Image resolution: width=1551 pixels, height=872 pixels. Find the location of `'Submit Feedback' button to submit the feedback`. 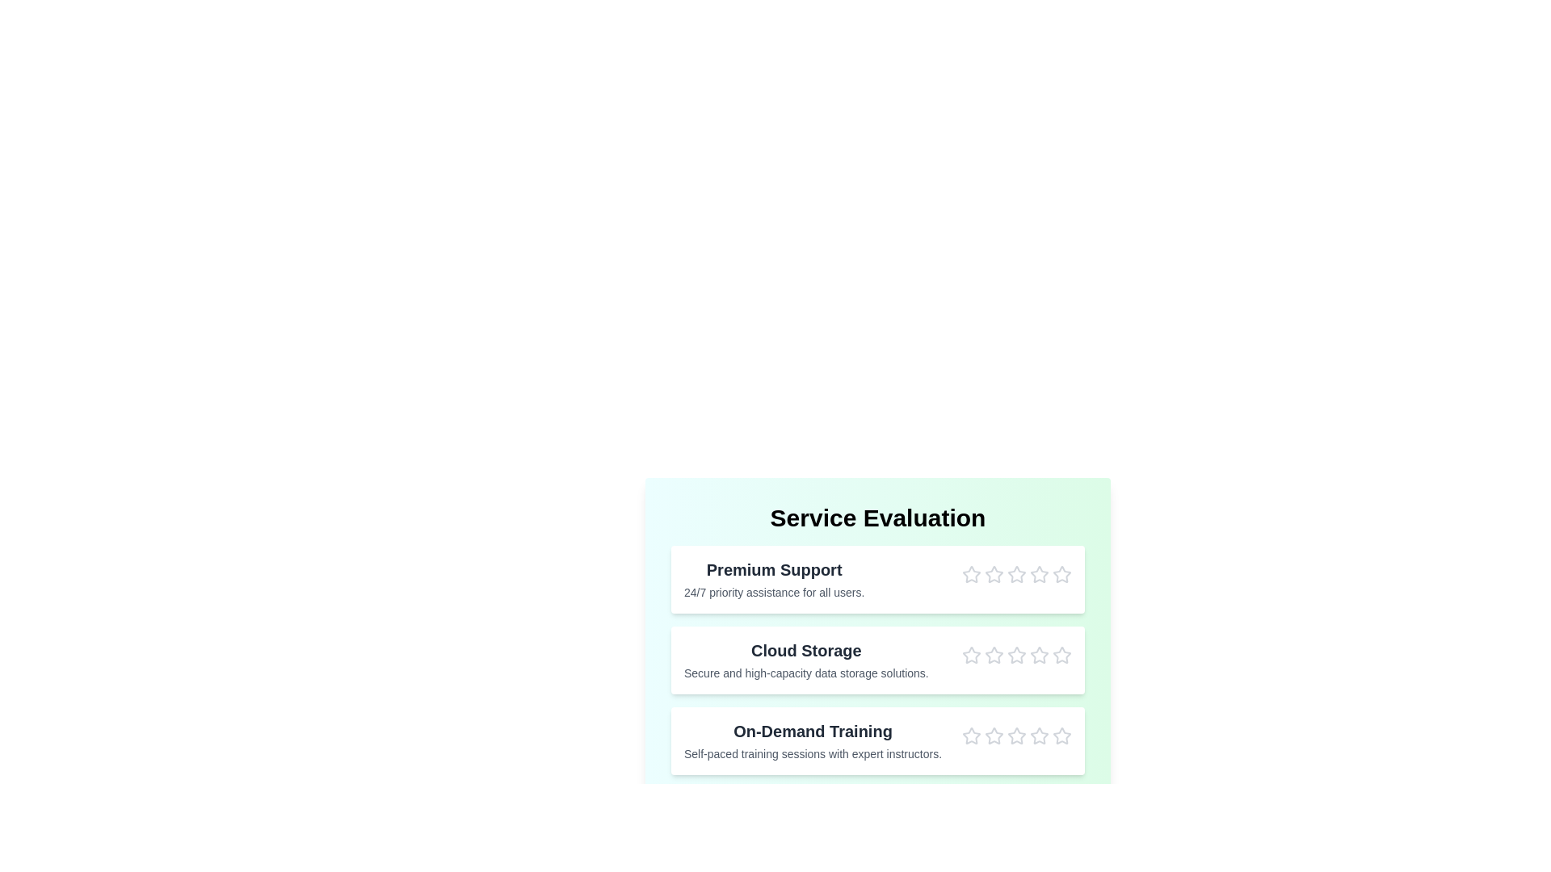

'Submit Feedback' button to submit the feedback is located at coordinates (876, 823).